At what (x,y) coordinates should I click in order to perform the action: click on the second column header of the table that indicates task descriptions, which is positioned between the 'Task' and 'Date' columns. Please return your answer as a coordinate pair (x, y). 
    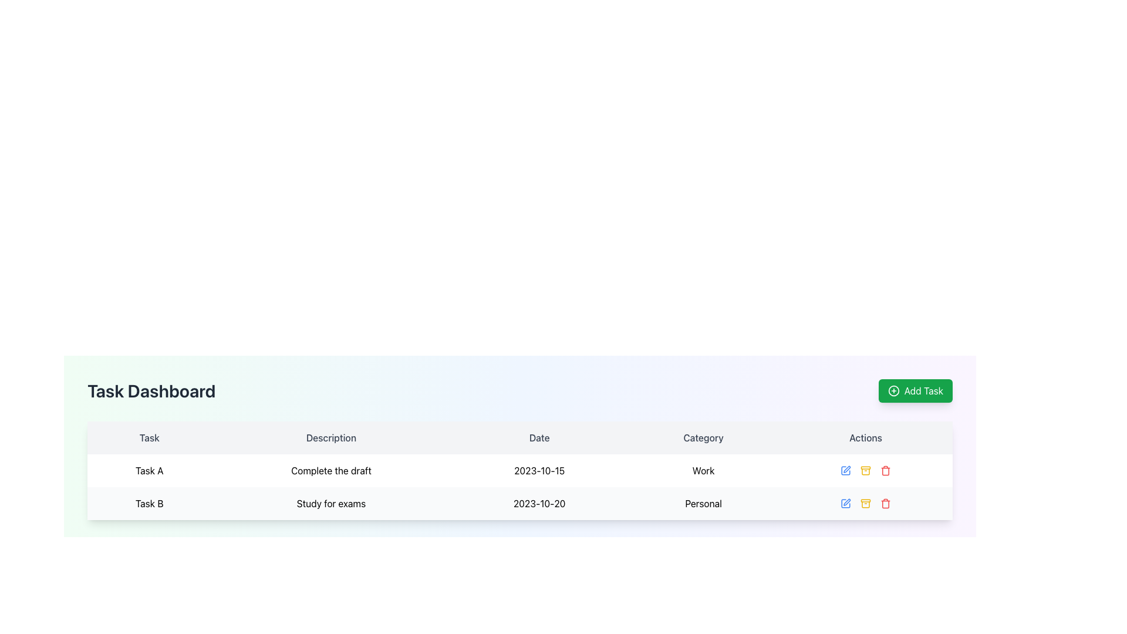
    Looking at the image, I should click on (330, 437).